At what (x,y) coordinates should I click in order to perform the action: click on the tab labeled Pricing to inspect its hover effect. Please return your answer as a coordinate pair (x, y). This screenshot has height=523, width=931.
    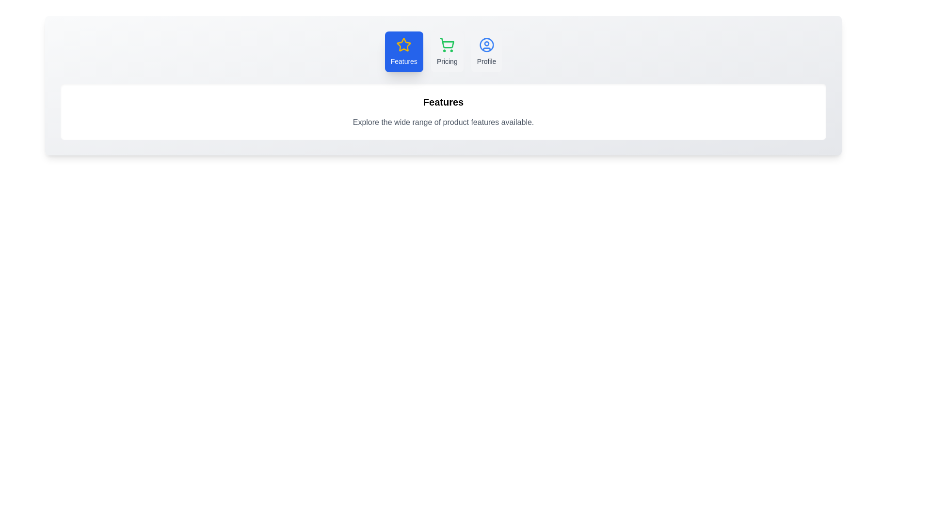
    Looking at the image, I should click on (447, 52).